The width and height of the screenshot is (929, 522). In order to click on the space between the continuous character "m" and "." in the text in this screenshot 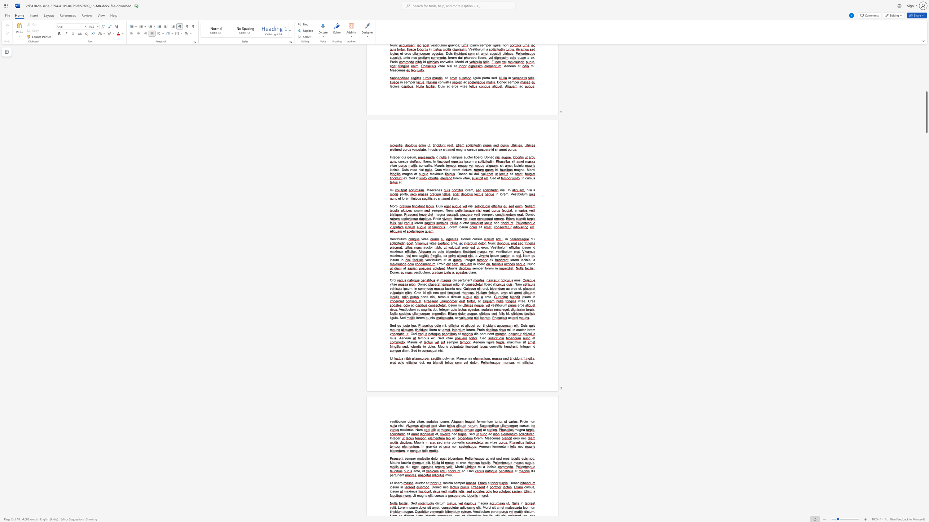, I will do `click(408, 350)`.